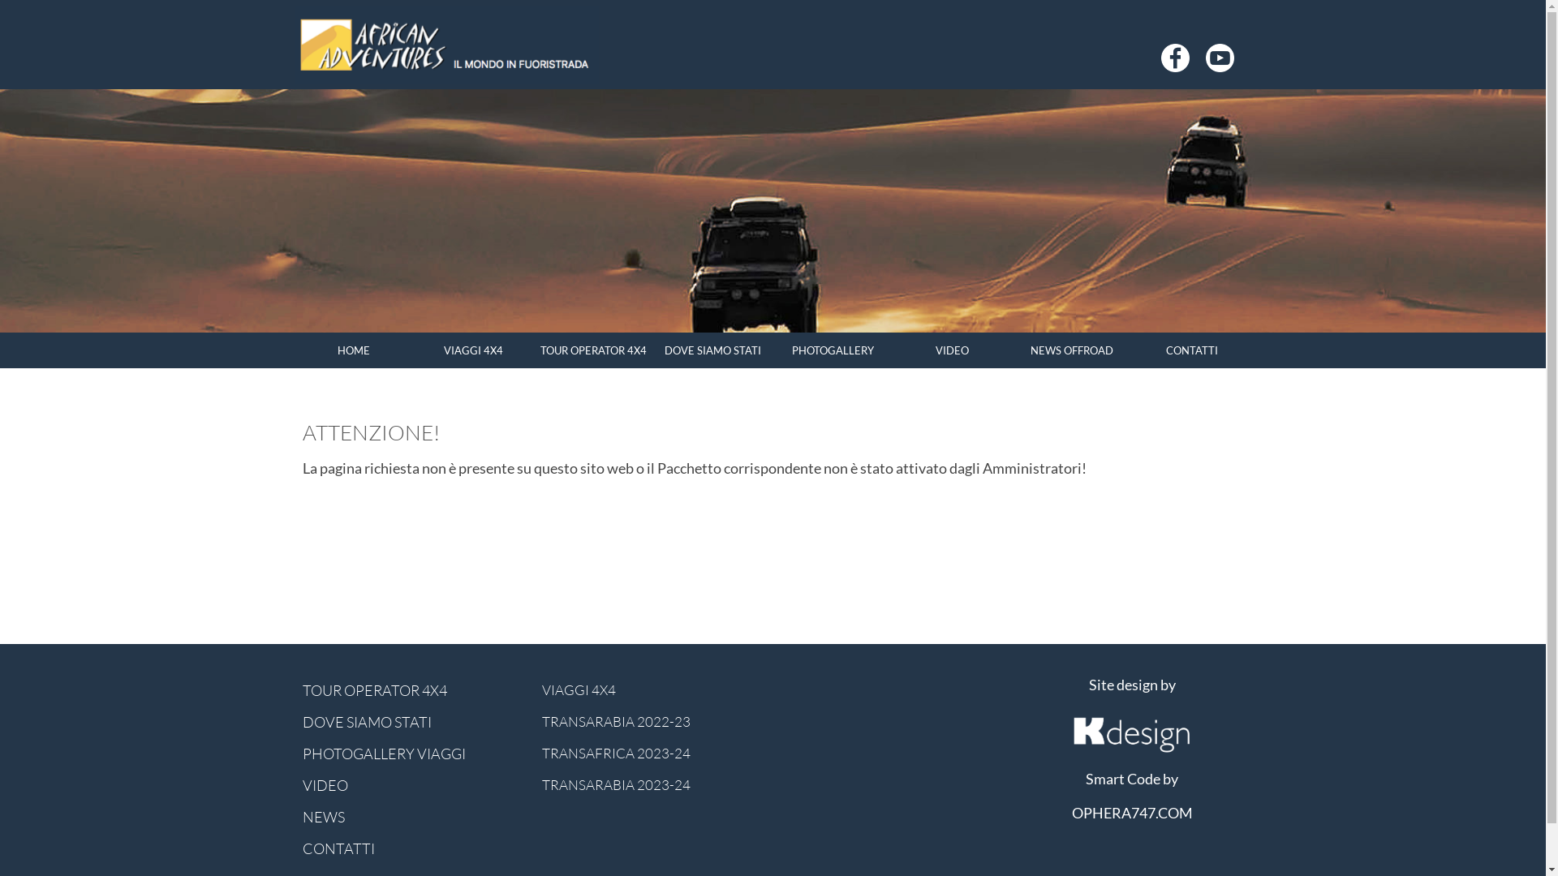 This screenshot has width=1558, height=876. I want to click on 'HOME', so click(353, 350).